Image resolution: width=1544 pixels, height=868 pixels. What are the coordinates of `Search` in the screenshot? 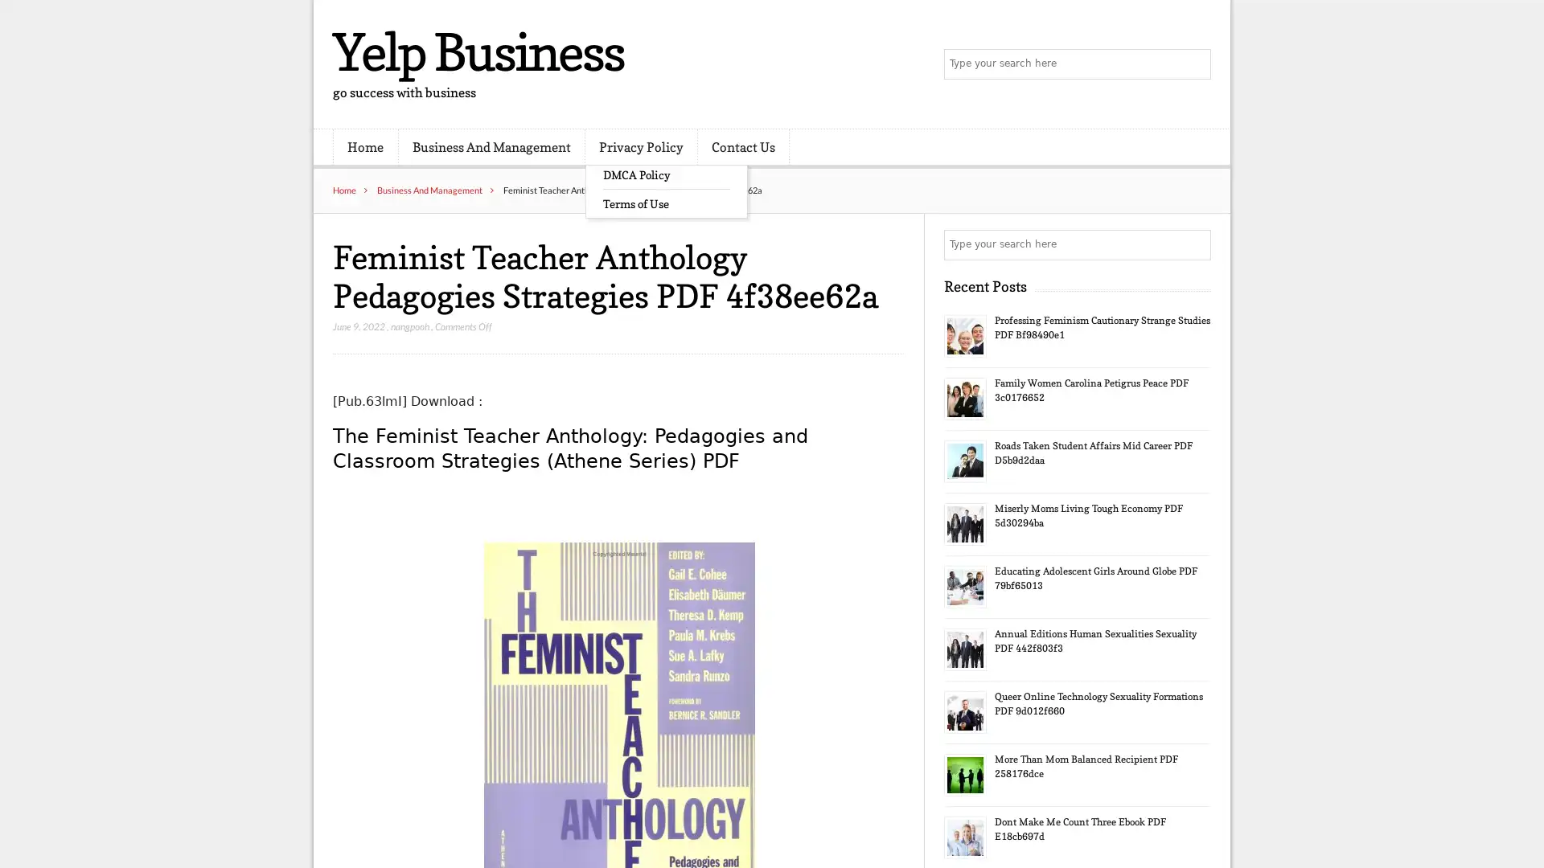 It's located at (1194, 244).